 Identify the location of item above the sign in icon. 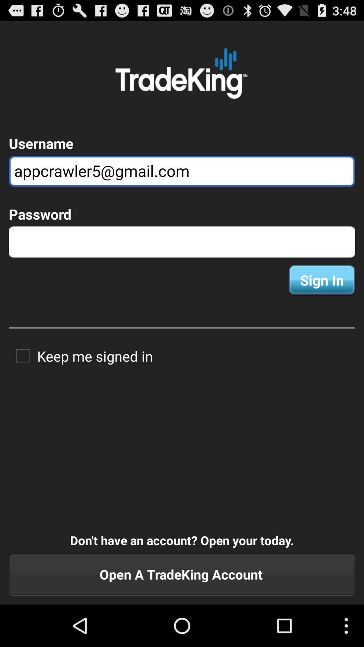
(182, 242).